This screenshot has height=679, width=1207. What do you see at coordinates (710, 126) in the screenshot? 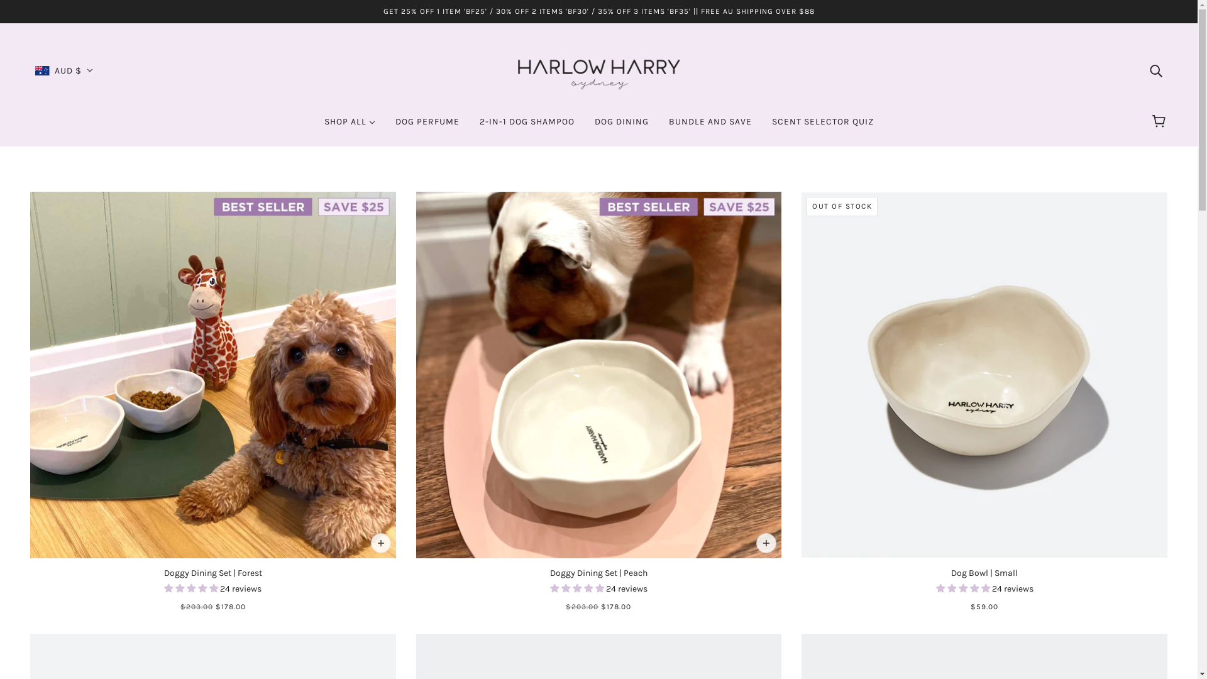
I see `'BUNDLE AND SAVE'` at bounding box center [710, 126].